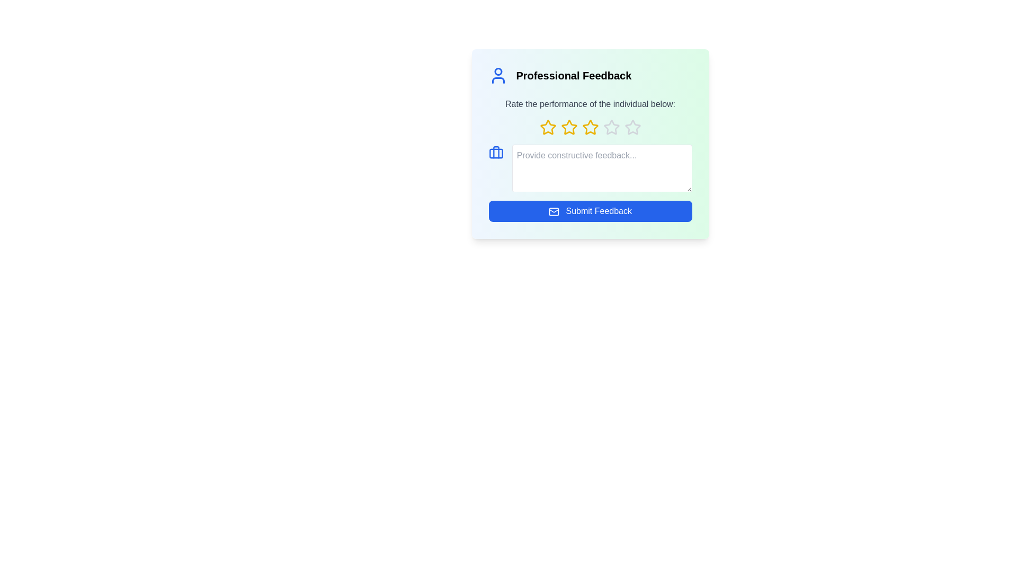 The image size is (1017, 572). What do you see at coordinates (611, 127) in the screenshot?
I see `the 4 star in the rating system` at bounding box center [611, 127].